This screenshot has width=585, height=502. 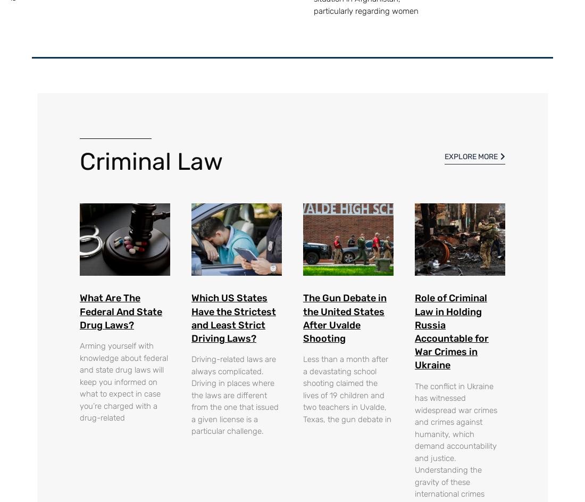 What do you see at coordinates (234, 395) in the screenshot?
I see `'Driving-related laws are always complicated. Driving in places where the laws are different from the one that issued a given license is a particular challenge.'` at bounding box center [234, 395].